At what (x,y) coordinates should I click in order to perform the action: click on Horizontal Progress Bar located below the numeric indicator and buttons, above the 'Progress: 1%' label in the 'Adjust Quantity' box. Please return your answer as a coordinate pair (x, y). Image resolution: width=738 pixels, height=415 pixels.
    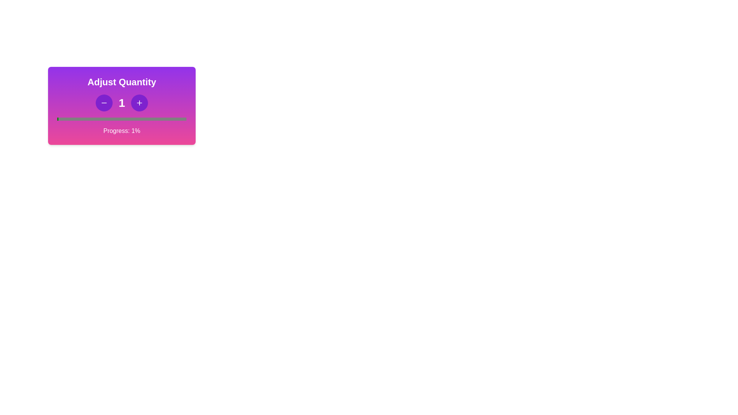
    Looking at the image, I should click on (121, 119).